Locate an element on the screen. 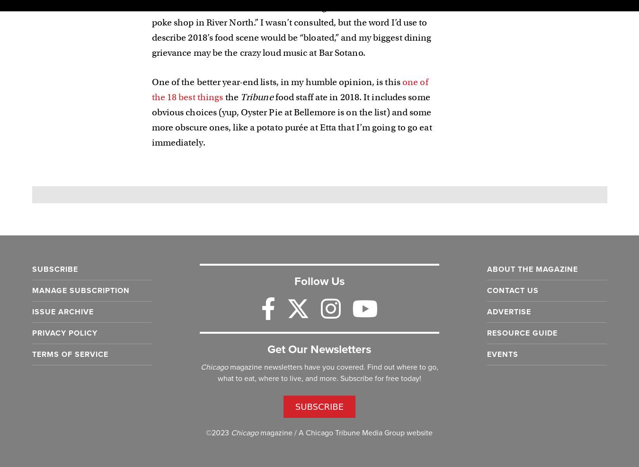 The image size is (639, 467). 'Terms of Service' is located at coordinates (70, 354).